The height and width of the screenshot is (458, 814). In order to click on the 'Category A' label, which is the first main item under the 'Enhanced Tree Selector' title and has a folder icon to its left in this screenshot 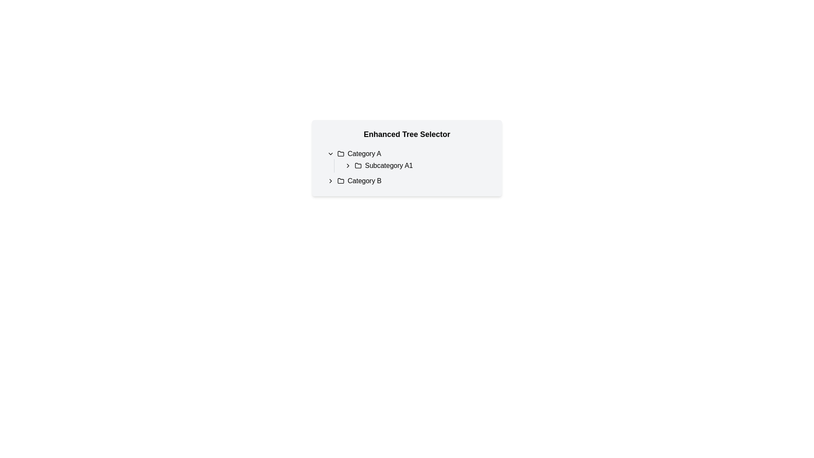, I will do `click(364, 154)`.